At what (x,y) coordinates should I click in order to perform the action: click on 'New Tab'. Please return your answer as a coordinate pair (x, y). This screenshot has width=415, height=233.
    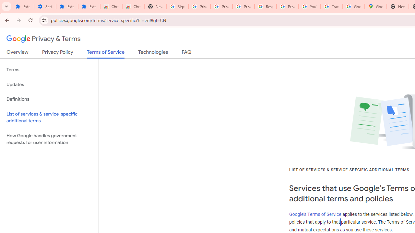
    Looking at the image, I should click on (155, 6).